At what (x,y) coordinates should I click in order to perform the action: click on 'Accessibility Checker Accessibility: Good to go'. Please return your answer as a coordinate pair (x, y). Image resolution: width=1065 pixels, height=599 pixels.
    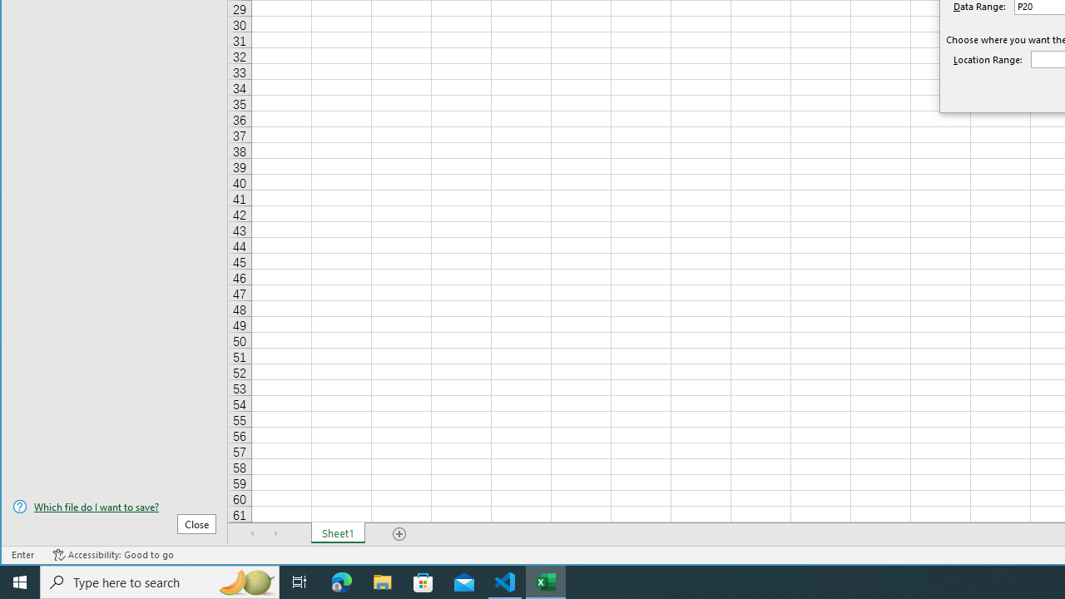
    Looking at the image, I should click on (112, 555).